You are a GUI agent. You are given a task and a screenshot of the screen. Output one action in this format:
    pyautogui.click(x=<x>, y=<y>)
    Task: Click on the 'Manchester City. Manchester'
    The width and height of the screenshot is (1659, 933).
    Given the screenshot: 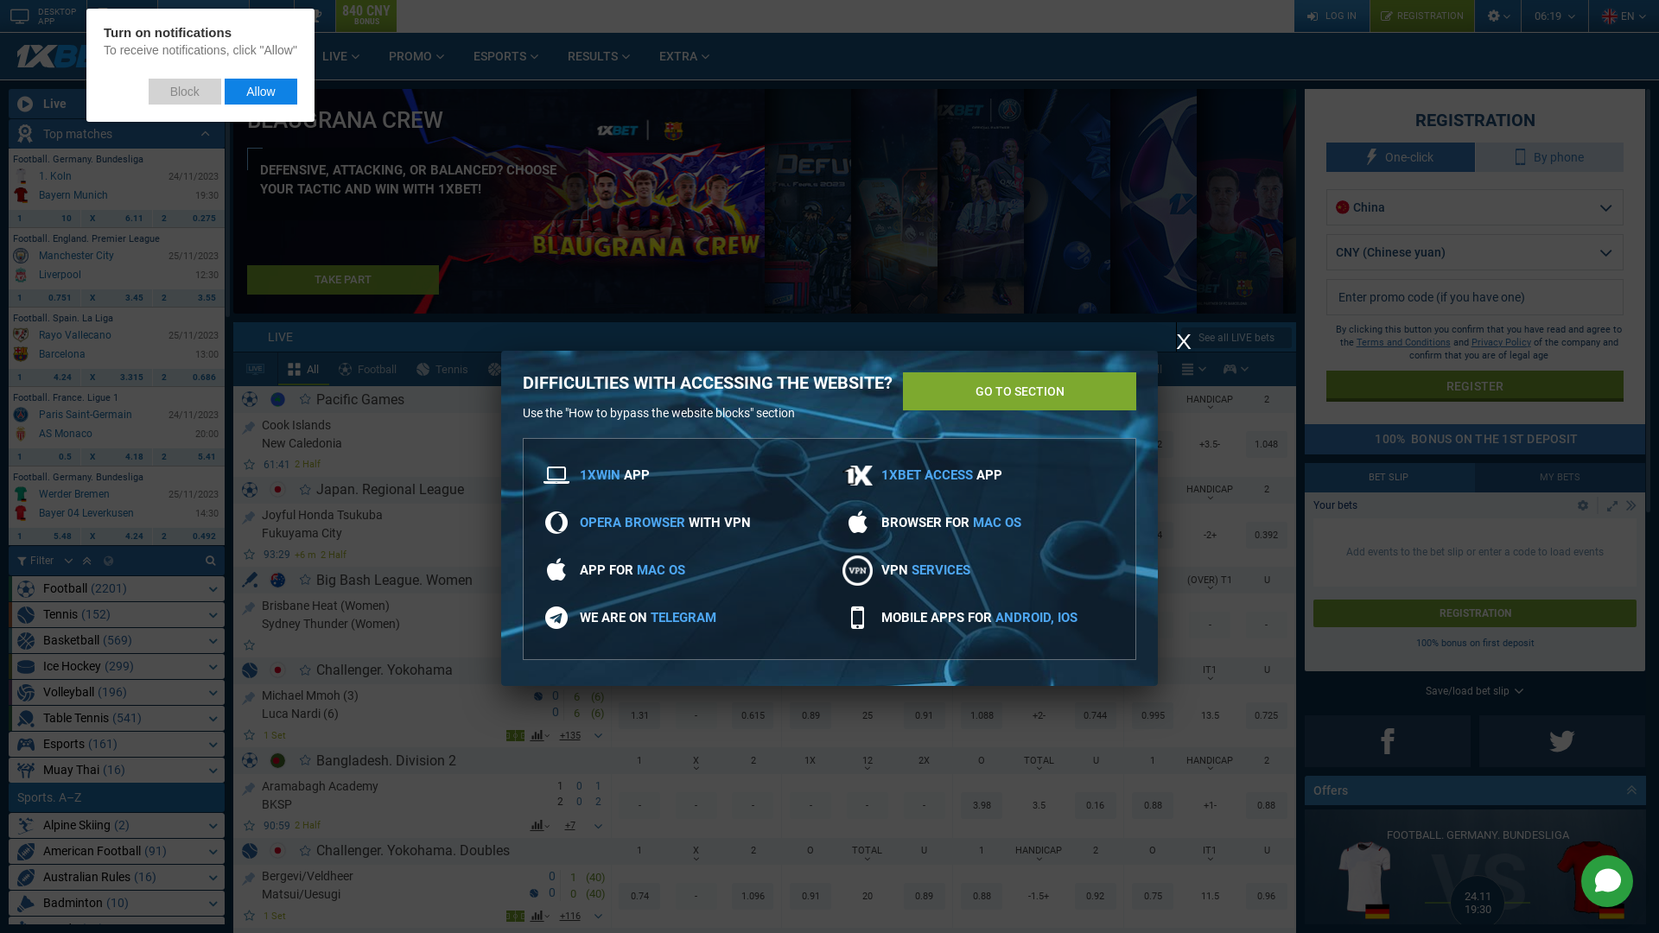 What is the action you would take?
    pyautogui.click(x=21, y=256)
    